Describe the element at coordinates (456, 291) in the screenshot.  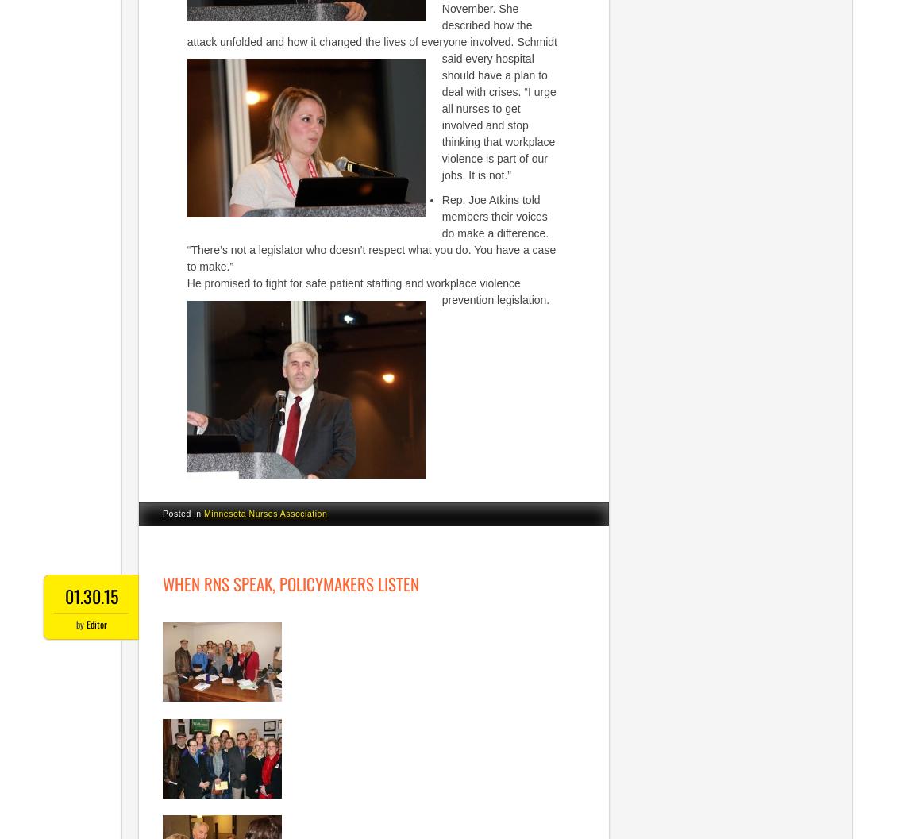
I see `'staffing and workplace violence prevention legislation.'` at that location.